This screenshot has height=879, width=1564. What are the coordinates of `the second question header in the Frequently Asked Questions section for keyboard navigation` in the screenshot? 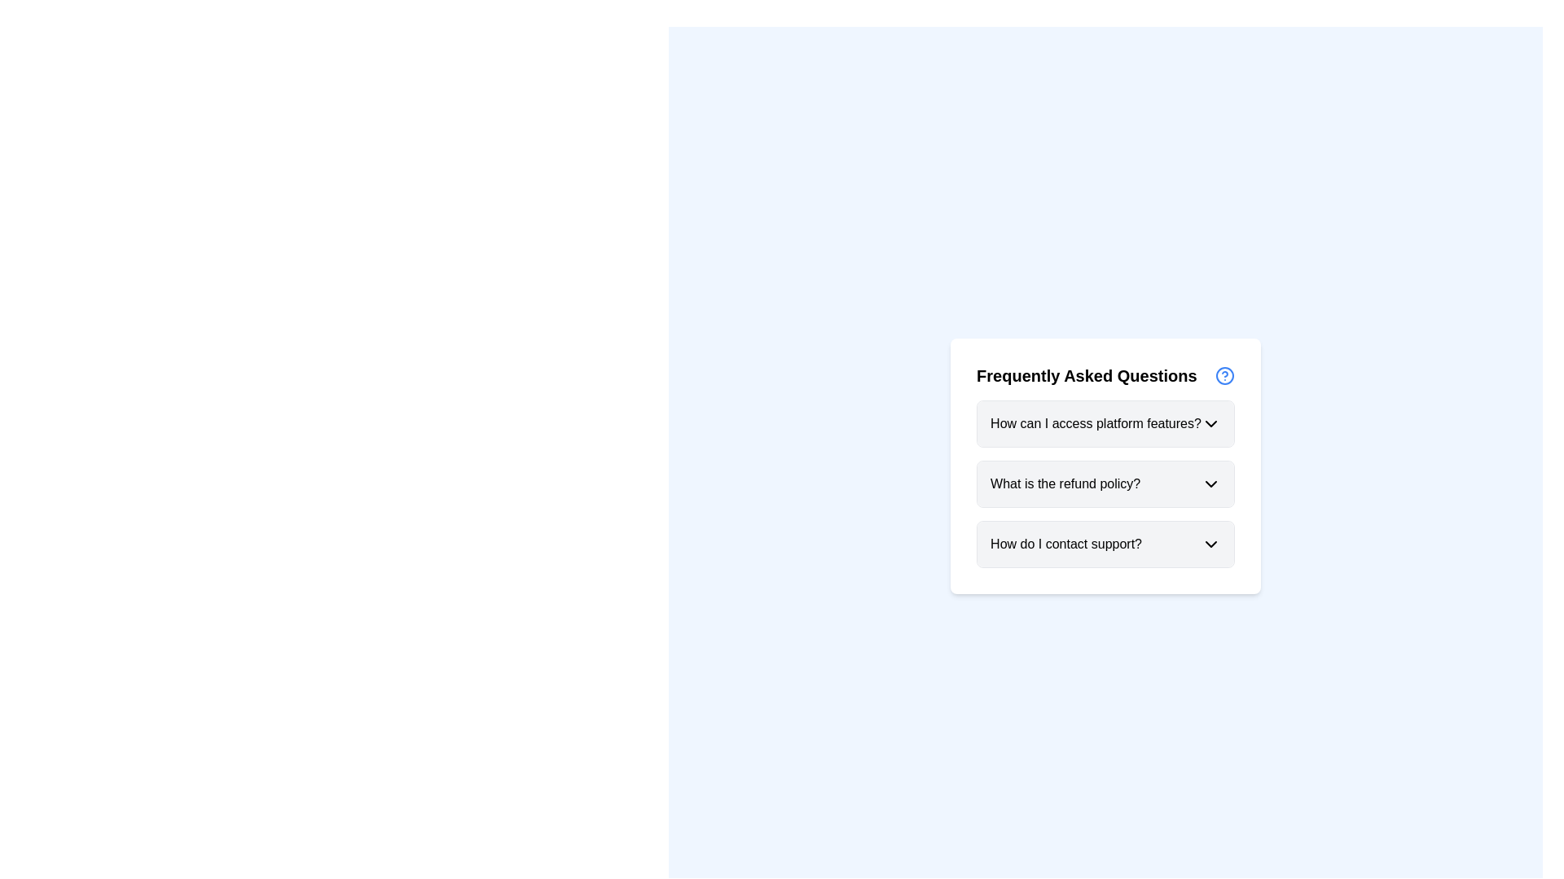 It's located at (1105, 483).